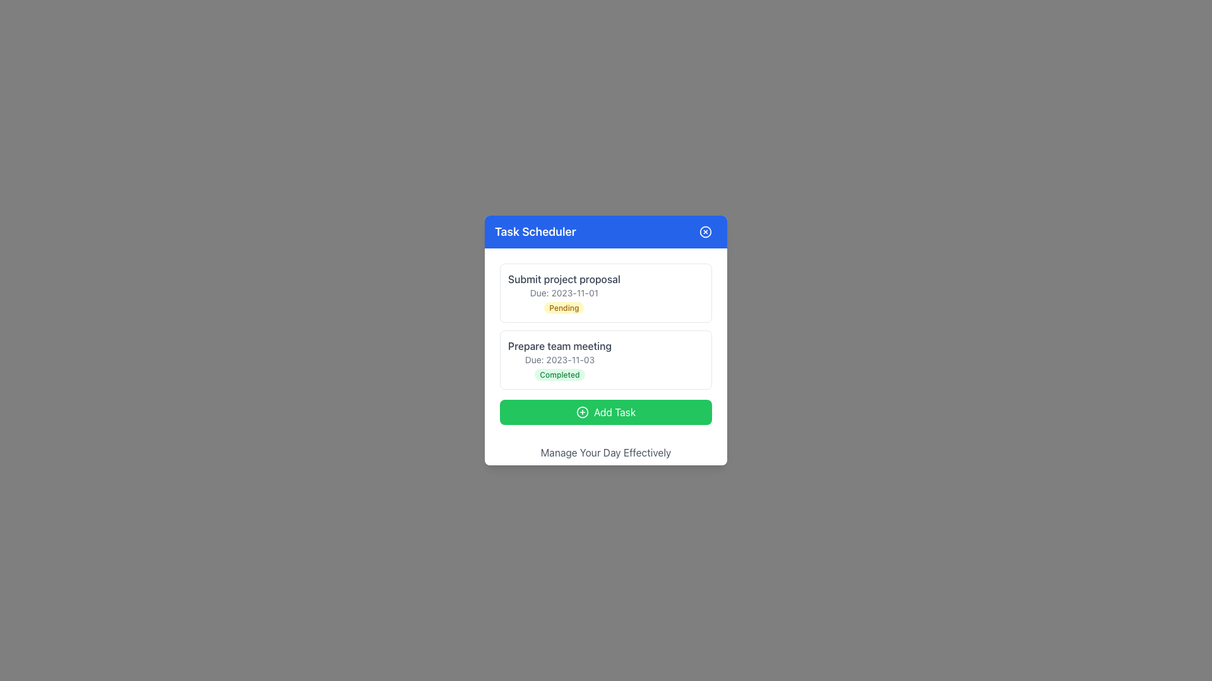 The height and width of the screenshot is (681, 1212). I want to click on the SVG circle element that is part of the 'Add Task' button icon located at the bottom of the task scheduler's main window, so click(581, 412).